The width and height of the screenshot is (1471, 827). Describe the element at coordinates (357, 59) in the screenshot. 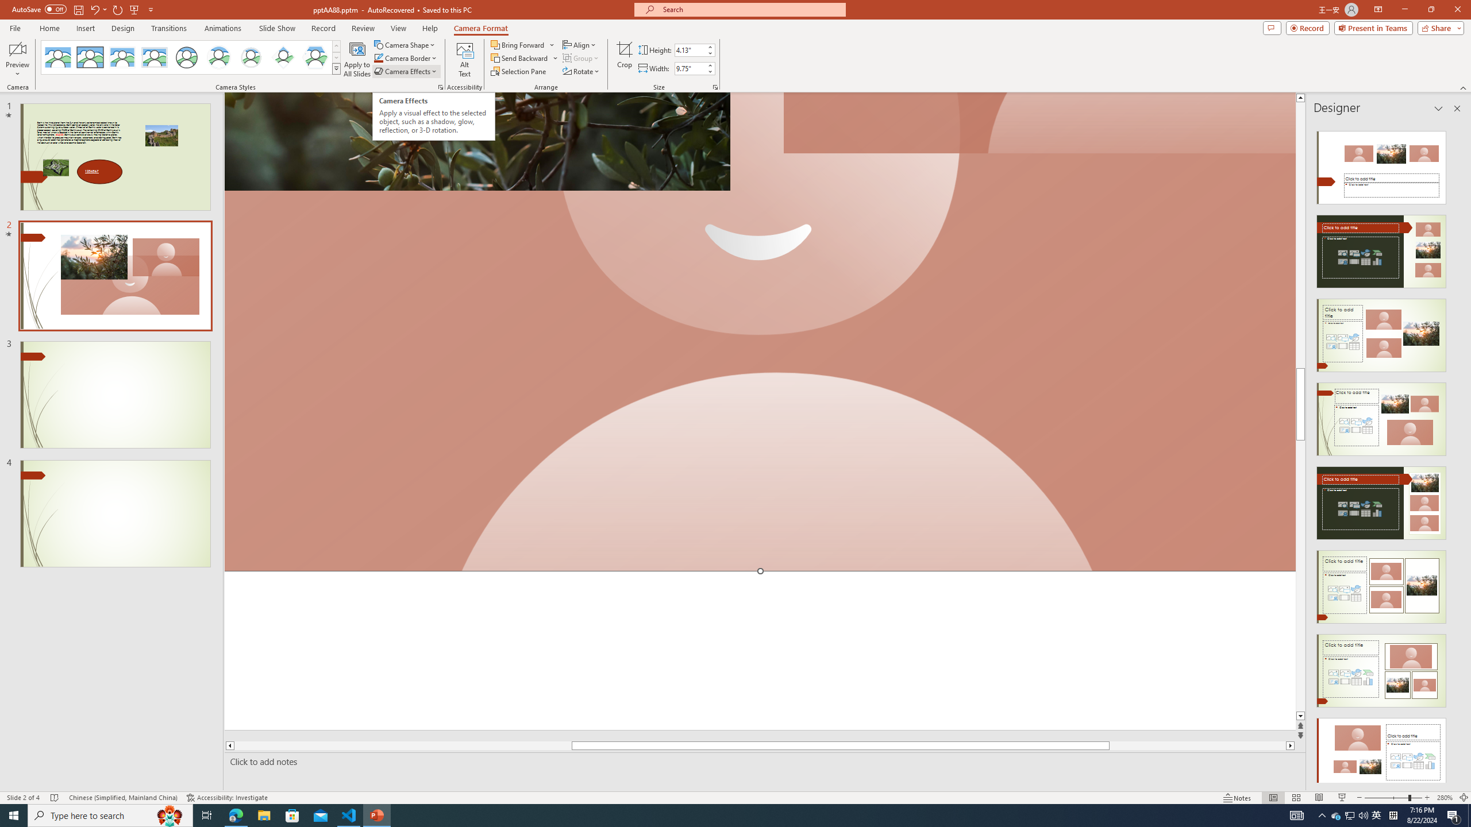

I see `'Apply to All Slides'` at that location.